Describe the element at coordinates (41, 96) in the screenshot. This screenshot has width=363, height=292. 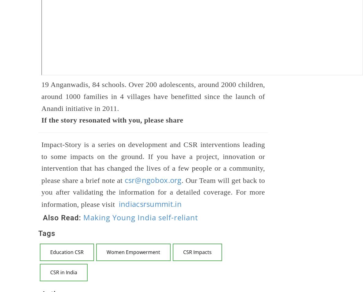
I see `'19 Anganwadis, 84 schools. Over 200 adolescents, around 2000 children, around 1000 families in 4 villages have benefitted since the launch of Anandi initiative in 2011.'` at that location.